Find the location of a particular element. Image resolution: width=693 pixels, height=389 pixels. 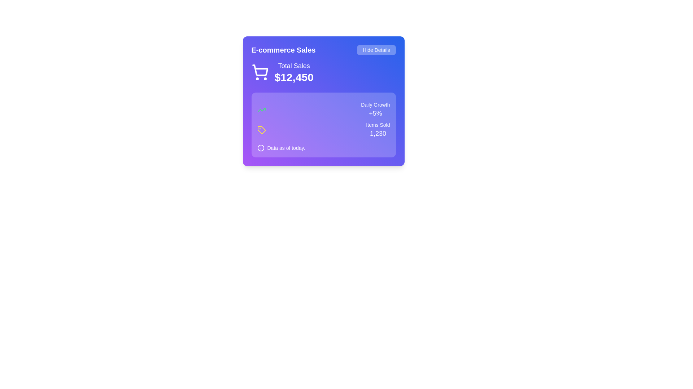

the 'Hide Details' button with a semi-transparent white background and rounded corners is located at coordinates (376, 49).